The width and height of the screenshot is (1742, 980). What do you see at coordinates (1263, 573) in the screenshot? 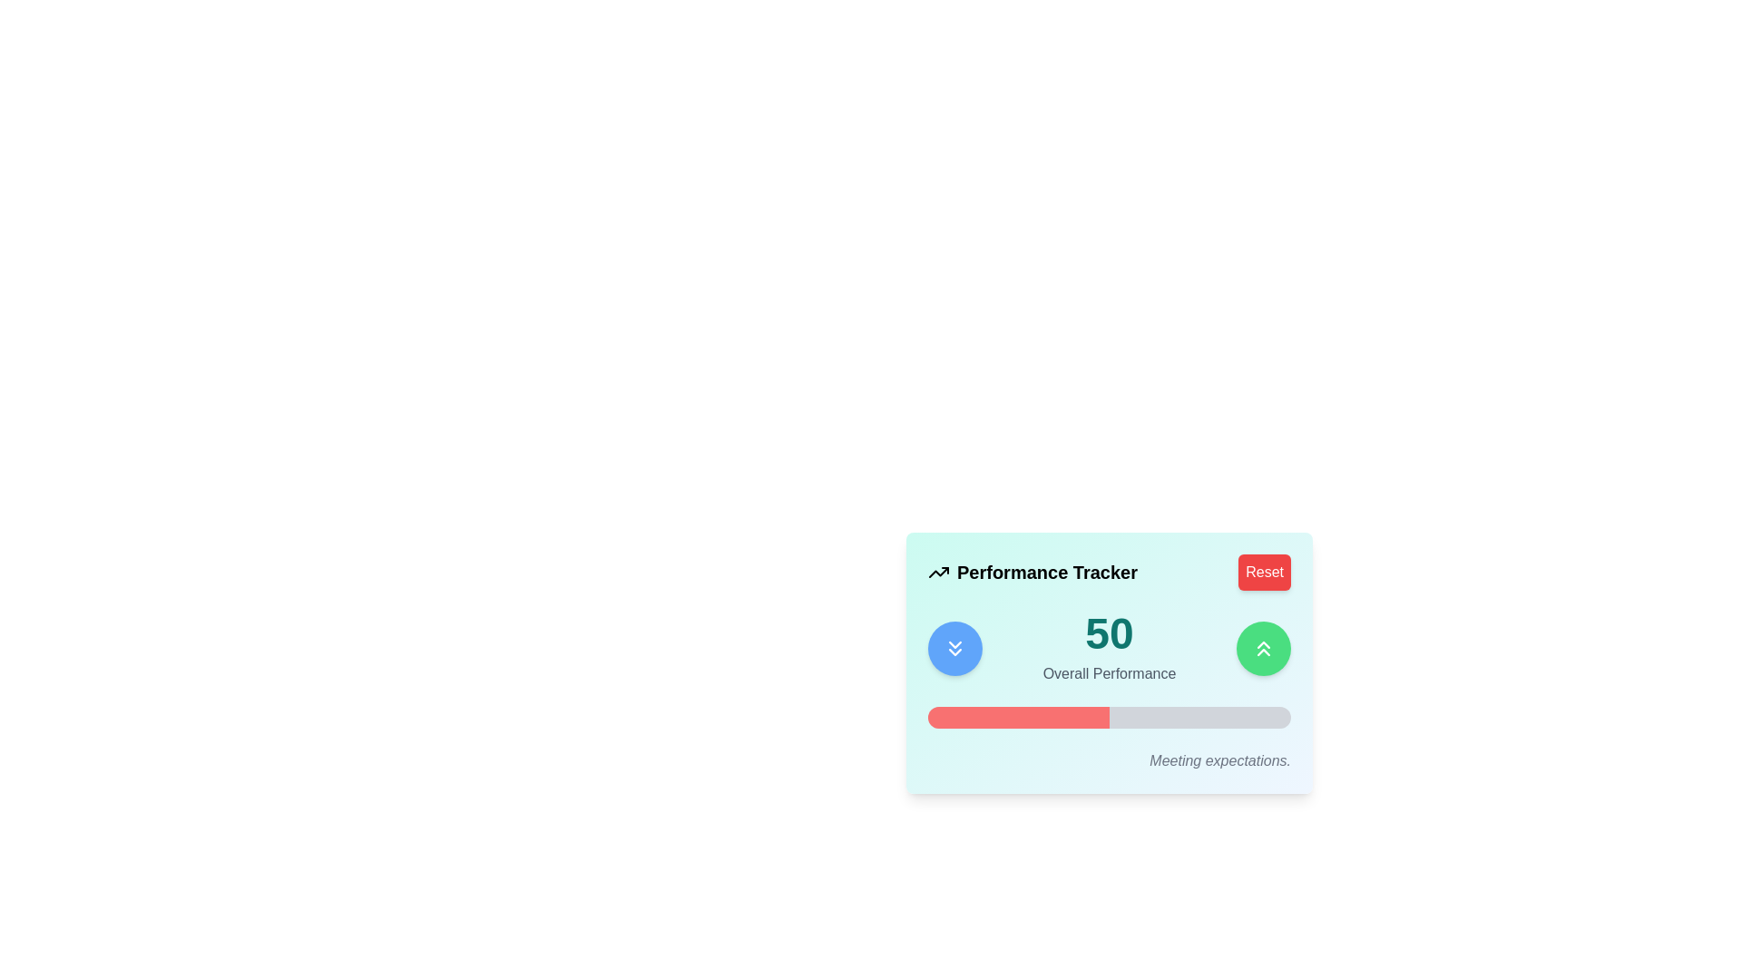
I see `the red 'Reset' button with white text located in the top-right corner of the 'Performance Tracker' section to reset the value` at bounding box center [1263, 573].